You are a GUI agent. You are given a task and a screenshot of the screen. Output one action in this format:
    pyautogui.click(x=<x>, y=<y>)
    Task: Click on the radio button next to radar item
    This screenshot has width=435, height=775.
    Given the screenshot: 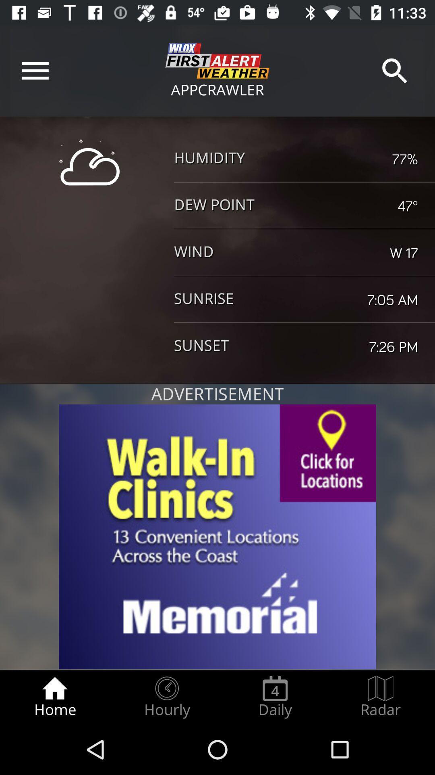 What is the action you would take?
    pyautogui.click(x=275, y=697)
    